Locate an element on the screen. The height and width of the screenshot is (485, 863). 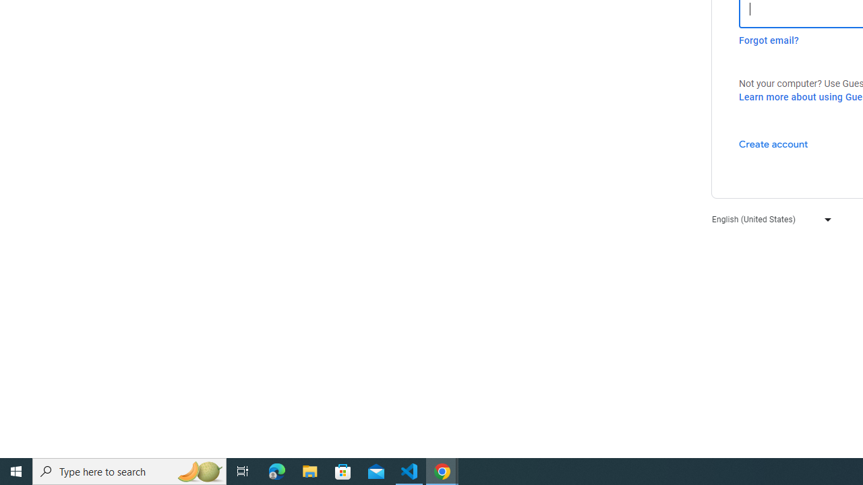
'Forgot email?' is located at coordinates (769, 40).